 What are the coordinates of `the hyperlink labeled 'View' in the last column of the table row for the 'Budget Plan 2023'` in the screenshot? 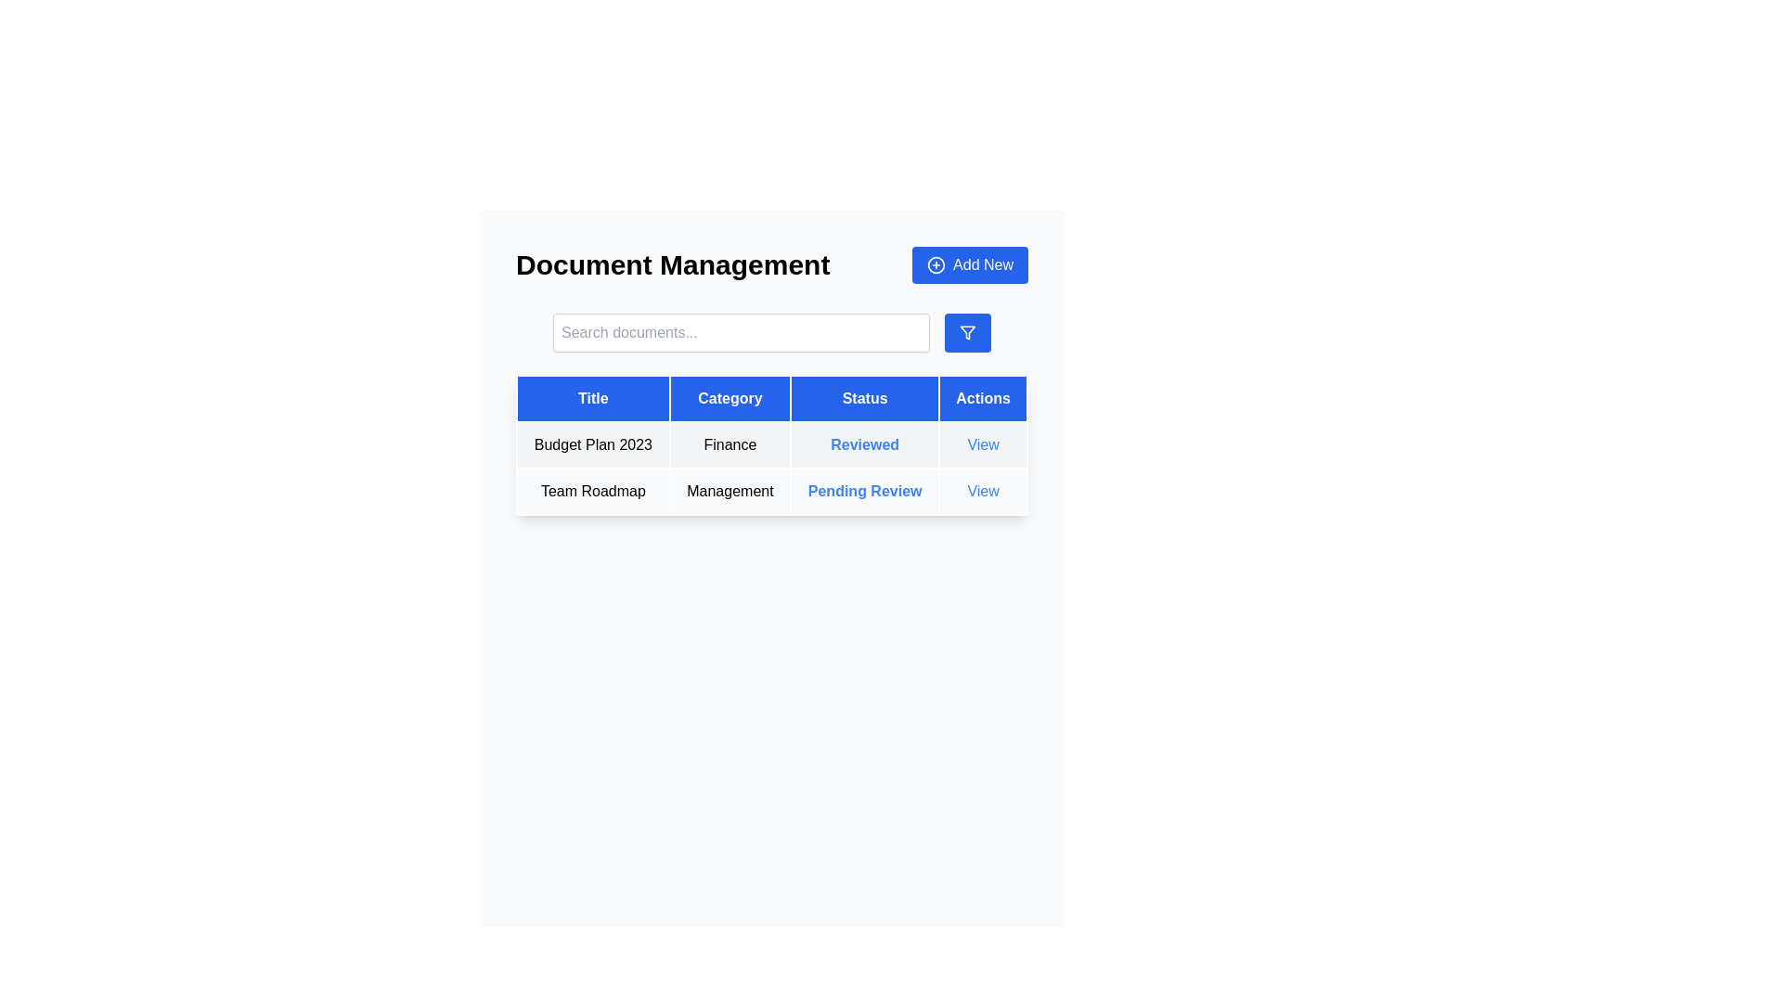 It's located at (982, 444).